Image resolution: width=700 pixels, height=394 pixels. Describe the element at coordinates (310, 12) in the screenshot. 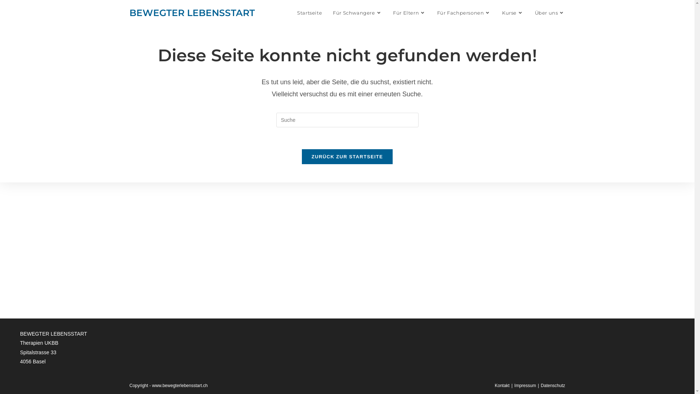

I see `'Startseite'` at that location.